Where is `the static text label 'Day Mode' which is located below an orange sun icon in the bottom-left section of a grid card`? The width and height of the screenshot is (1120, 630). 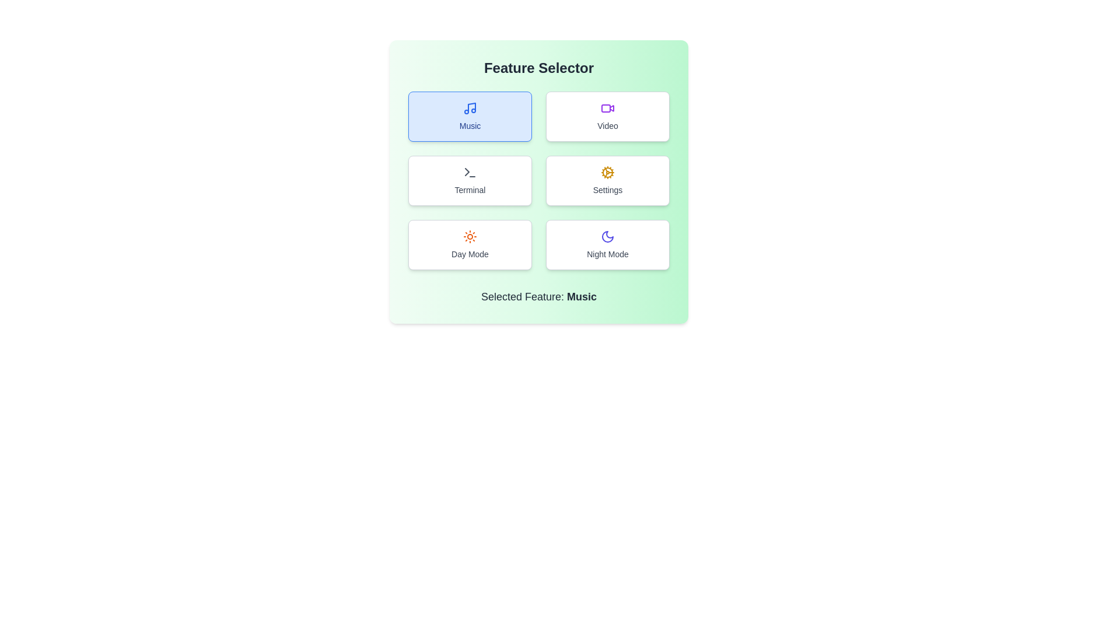 the static text label 'Day Mode' which is located below an orange sun icon in the bottom-left section of a grid card is located at coordinates (470, 253).